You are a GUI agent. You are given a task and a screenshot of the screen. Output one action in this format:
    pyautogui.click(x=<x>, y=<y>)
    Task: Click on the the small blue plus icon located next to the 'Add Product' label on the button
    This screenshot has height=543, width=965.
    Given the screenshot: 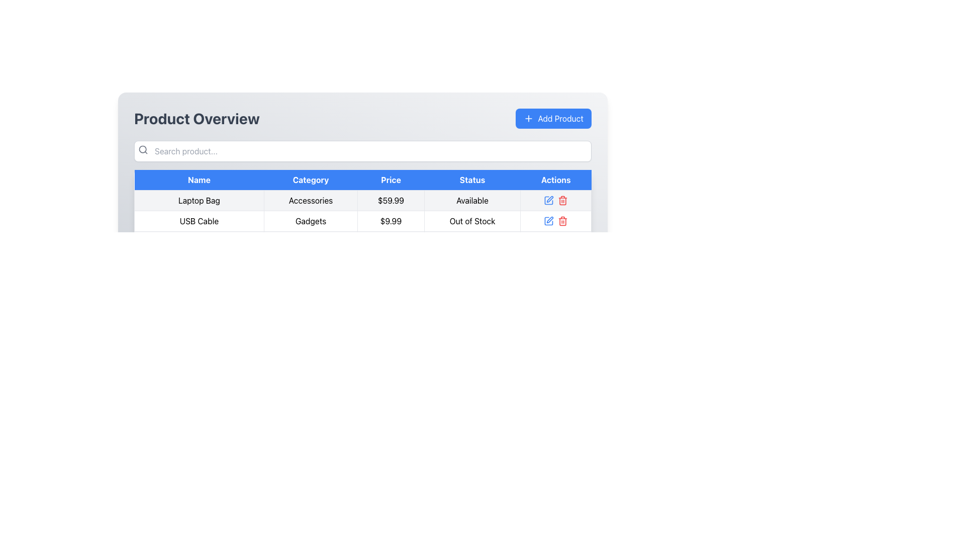 What is the action you would take?
    pyautogui.click(x=528, y=118)
    